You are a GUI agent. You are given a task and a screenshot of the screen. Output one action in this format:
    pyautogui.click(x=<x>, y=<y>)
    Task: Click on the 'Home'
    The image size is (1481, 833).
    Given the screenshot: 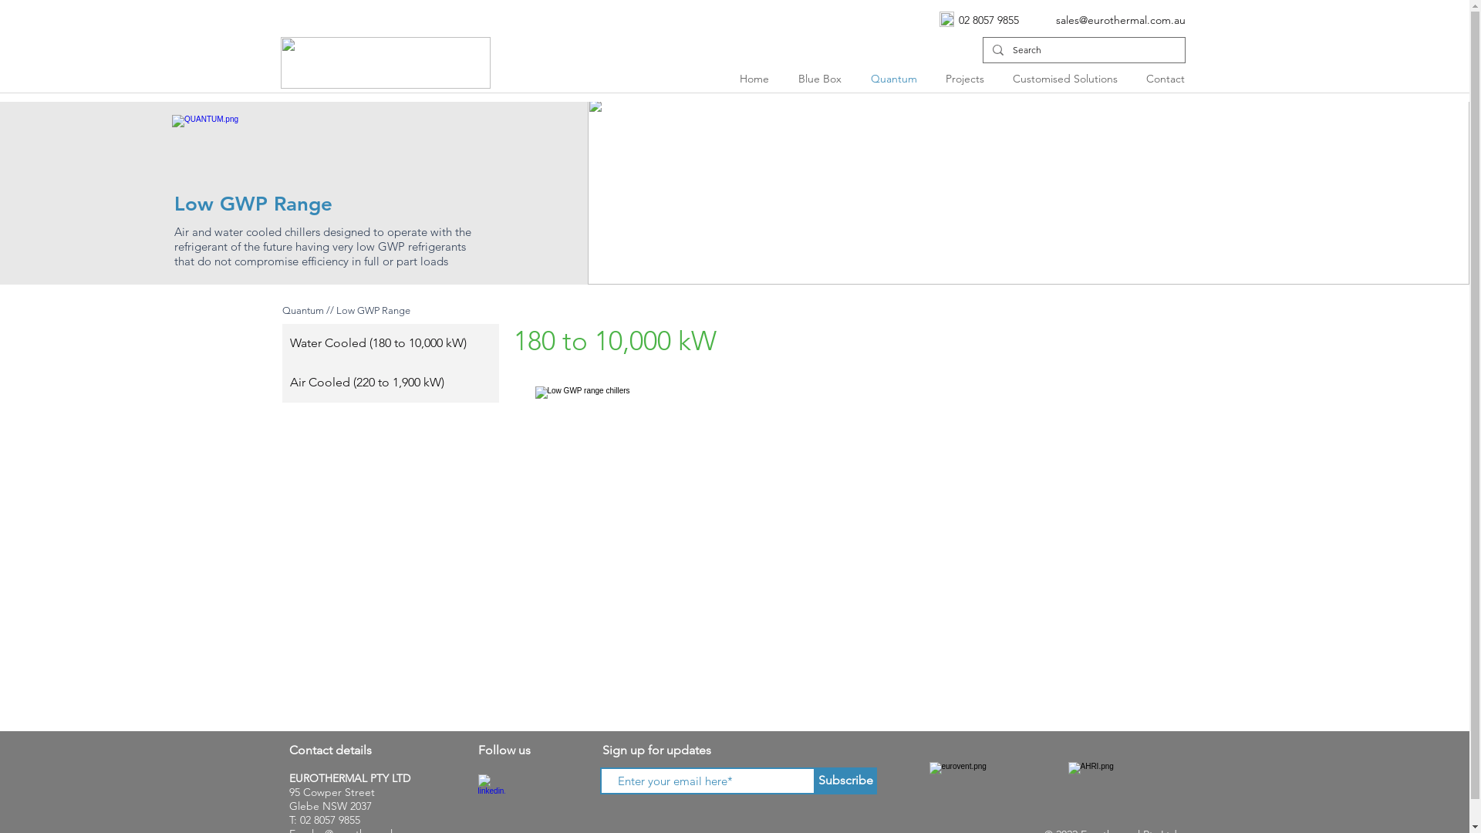 What is the action you would take?
    pyautogui.click(x=757, y=78)
    